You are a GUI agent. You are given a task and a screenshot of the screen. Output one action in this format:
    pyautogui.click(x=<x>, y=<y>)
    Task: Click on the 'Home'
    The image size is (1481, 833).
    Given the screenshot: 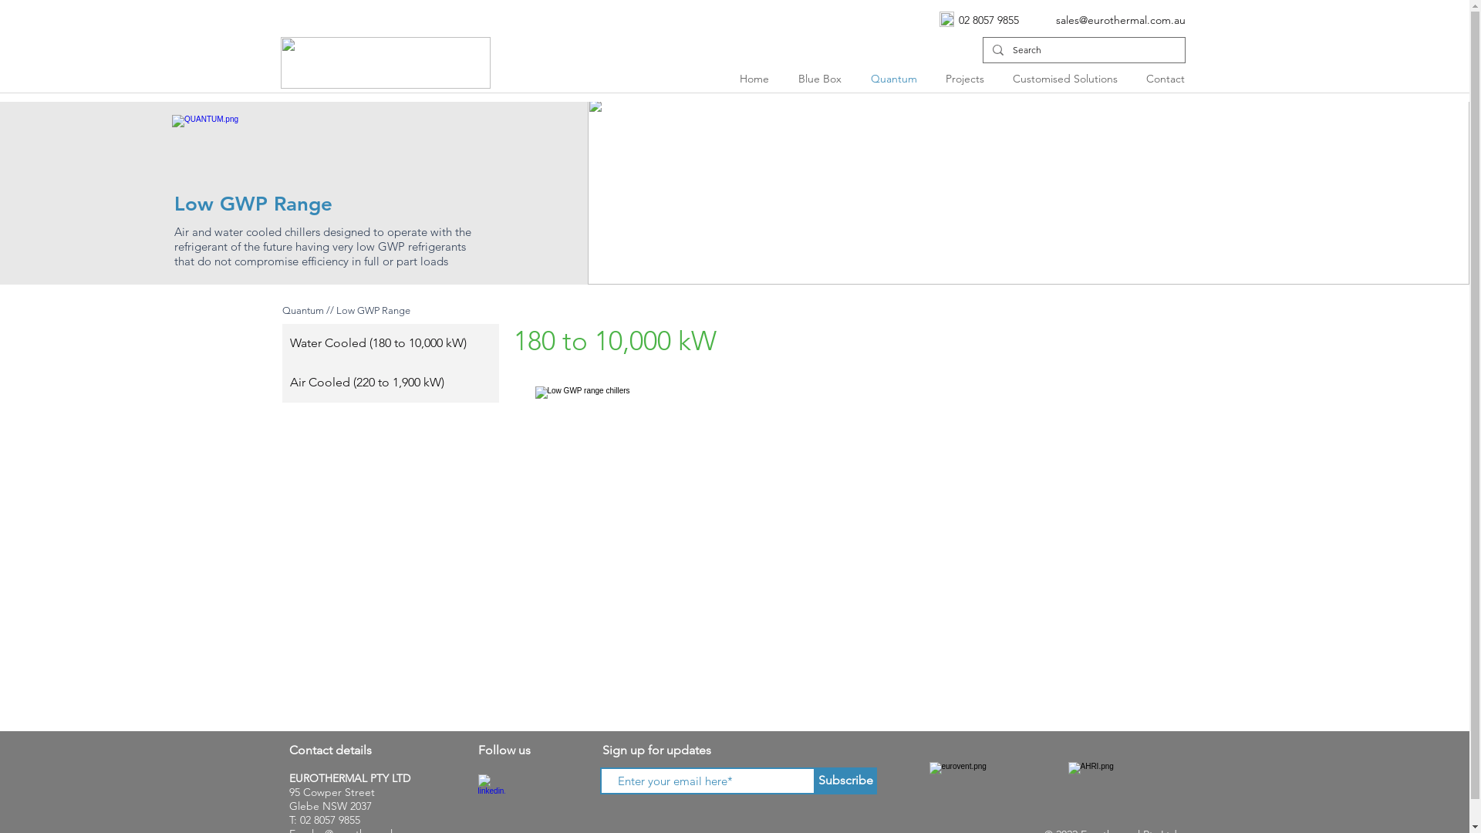 What is the action you would take?
    pyautogui.click(x=757, y=78)
    